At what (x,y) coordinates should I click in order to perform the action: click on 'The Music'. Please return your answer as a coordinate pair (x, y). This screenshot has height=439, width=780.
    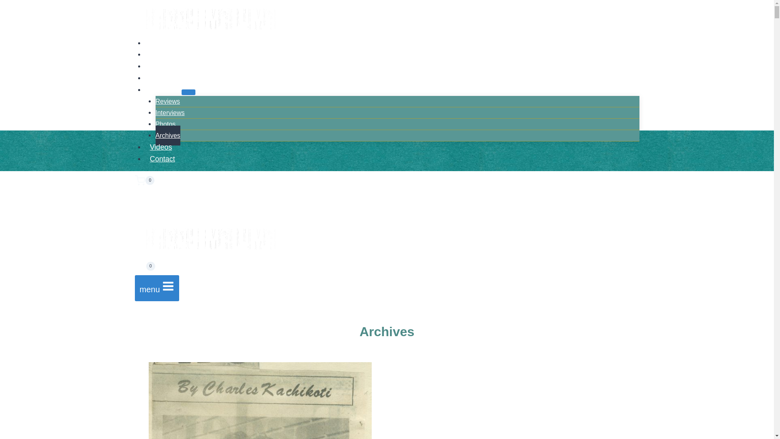
    Looking at the image, I should click on (166, 65).